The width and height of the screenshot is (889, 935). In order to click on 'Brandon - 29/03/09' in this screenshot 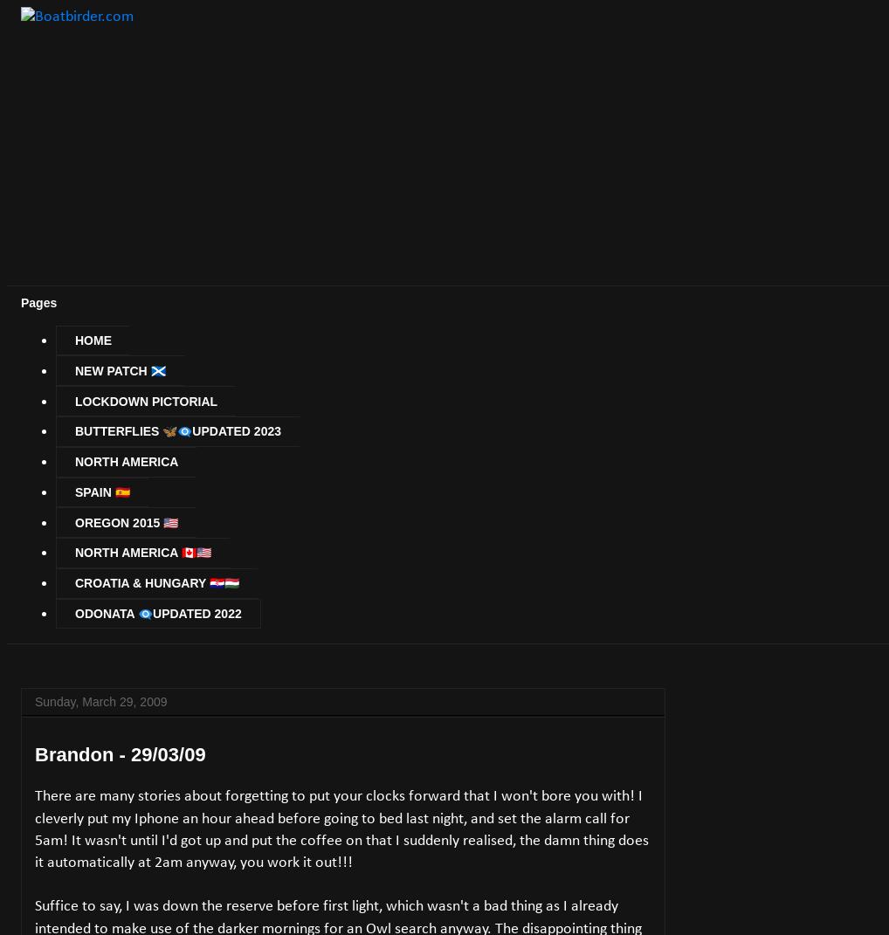, I will do `click(34, 754)`.